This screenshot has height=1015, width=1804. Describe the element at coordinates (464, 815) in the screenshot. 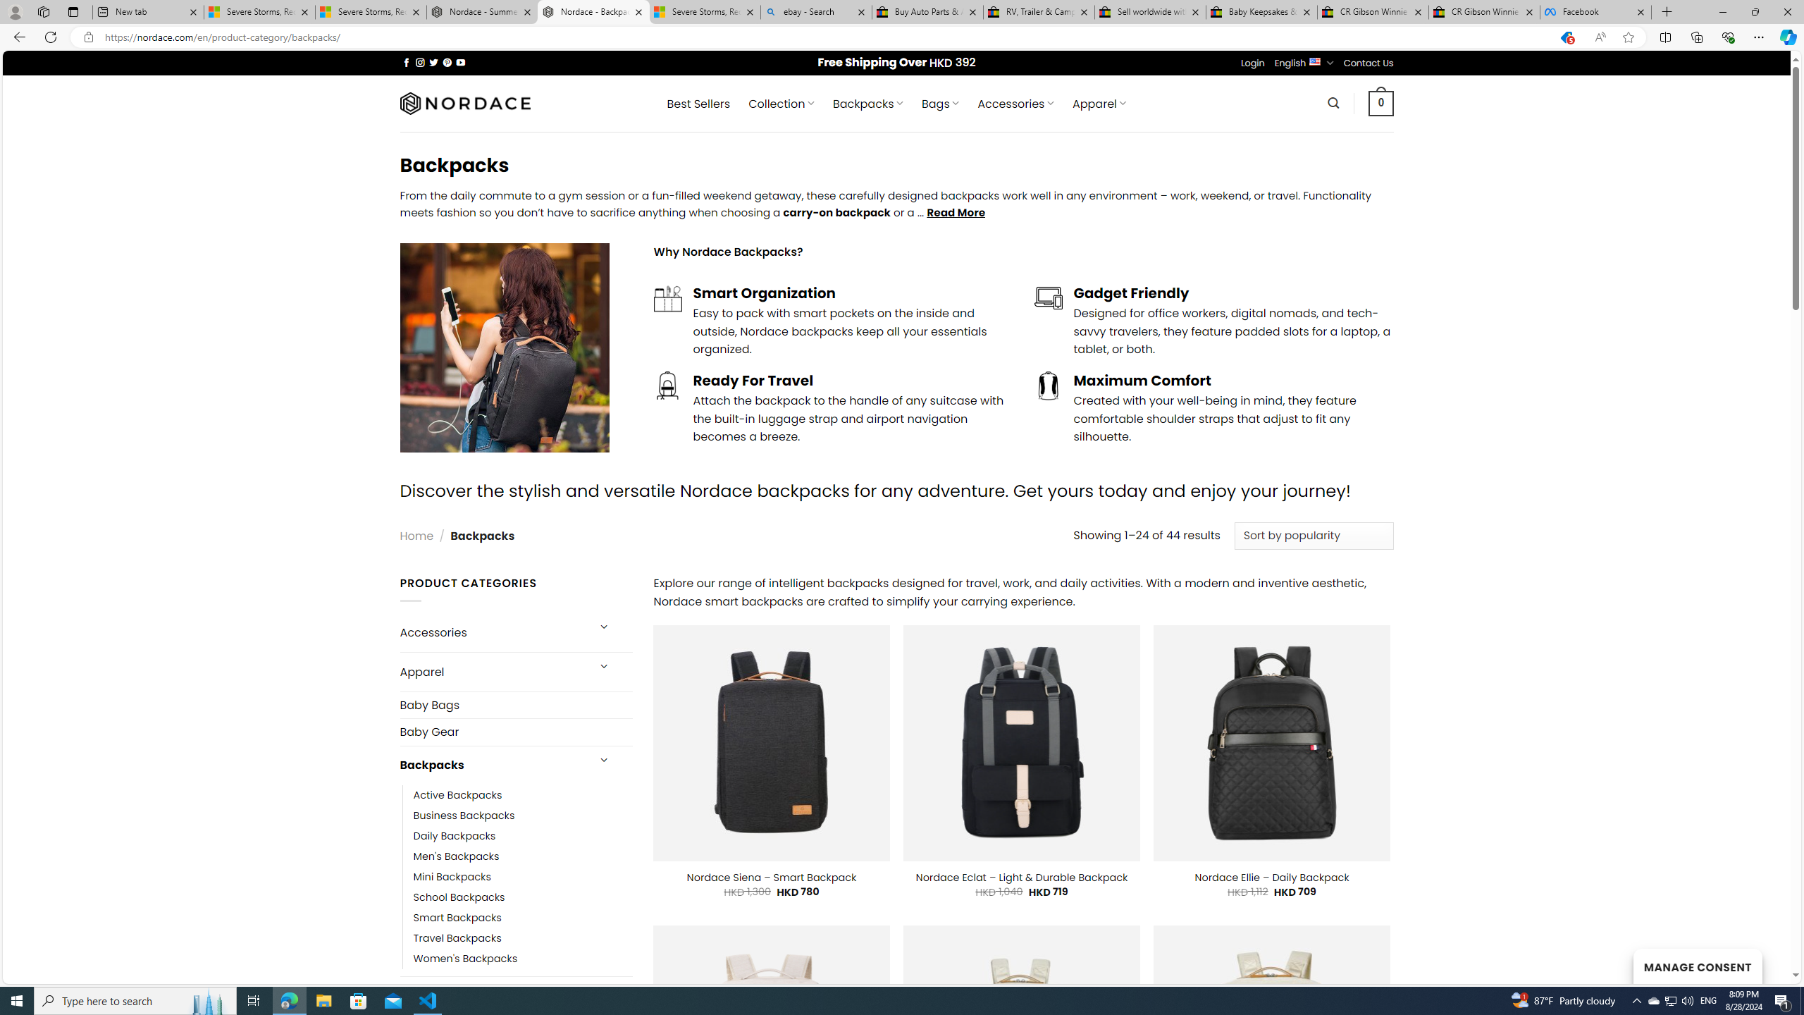

I see `'Business Backpacks'` at that location.